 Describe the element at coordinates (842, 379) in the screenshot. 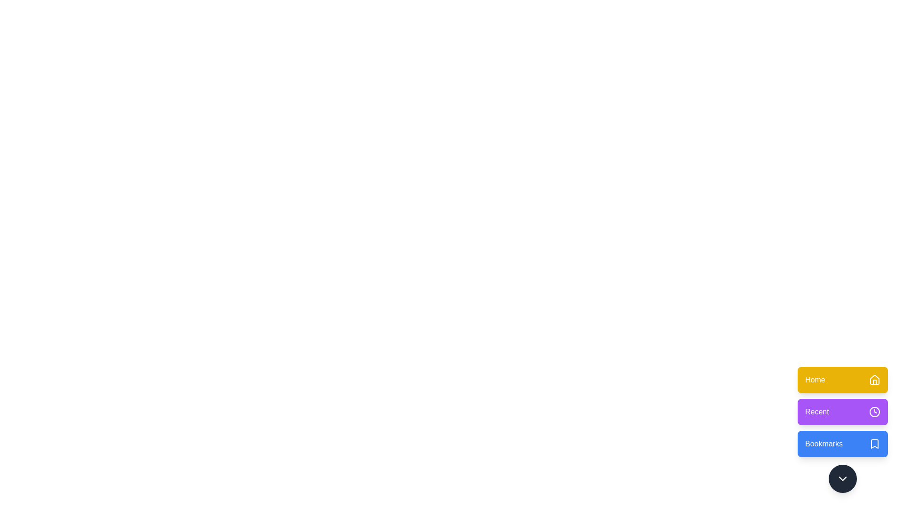

I see `the 'Home' button to activate its function` at that location.